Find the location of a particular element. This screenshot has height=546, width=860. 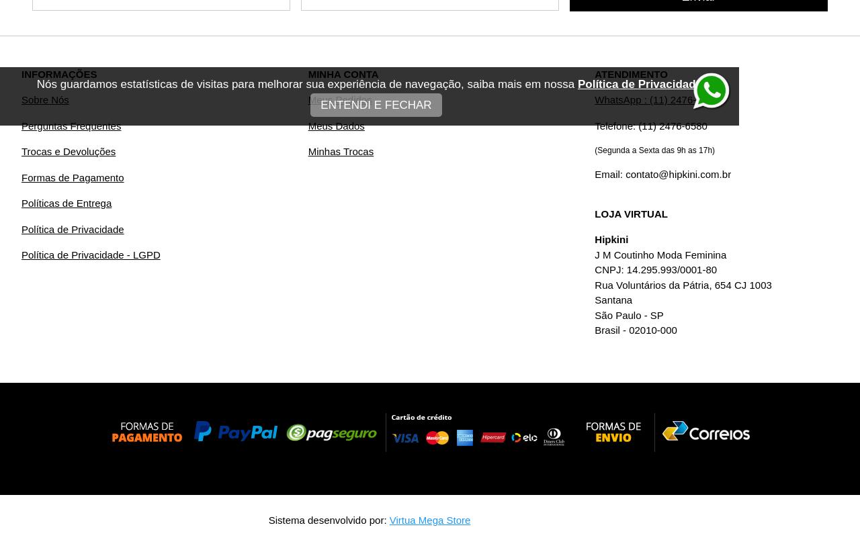

'Minhas Trocas' is located at coordinates (341, 150).